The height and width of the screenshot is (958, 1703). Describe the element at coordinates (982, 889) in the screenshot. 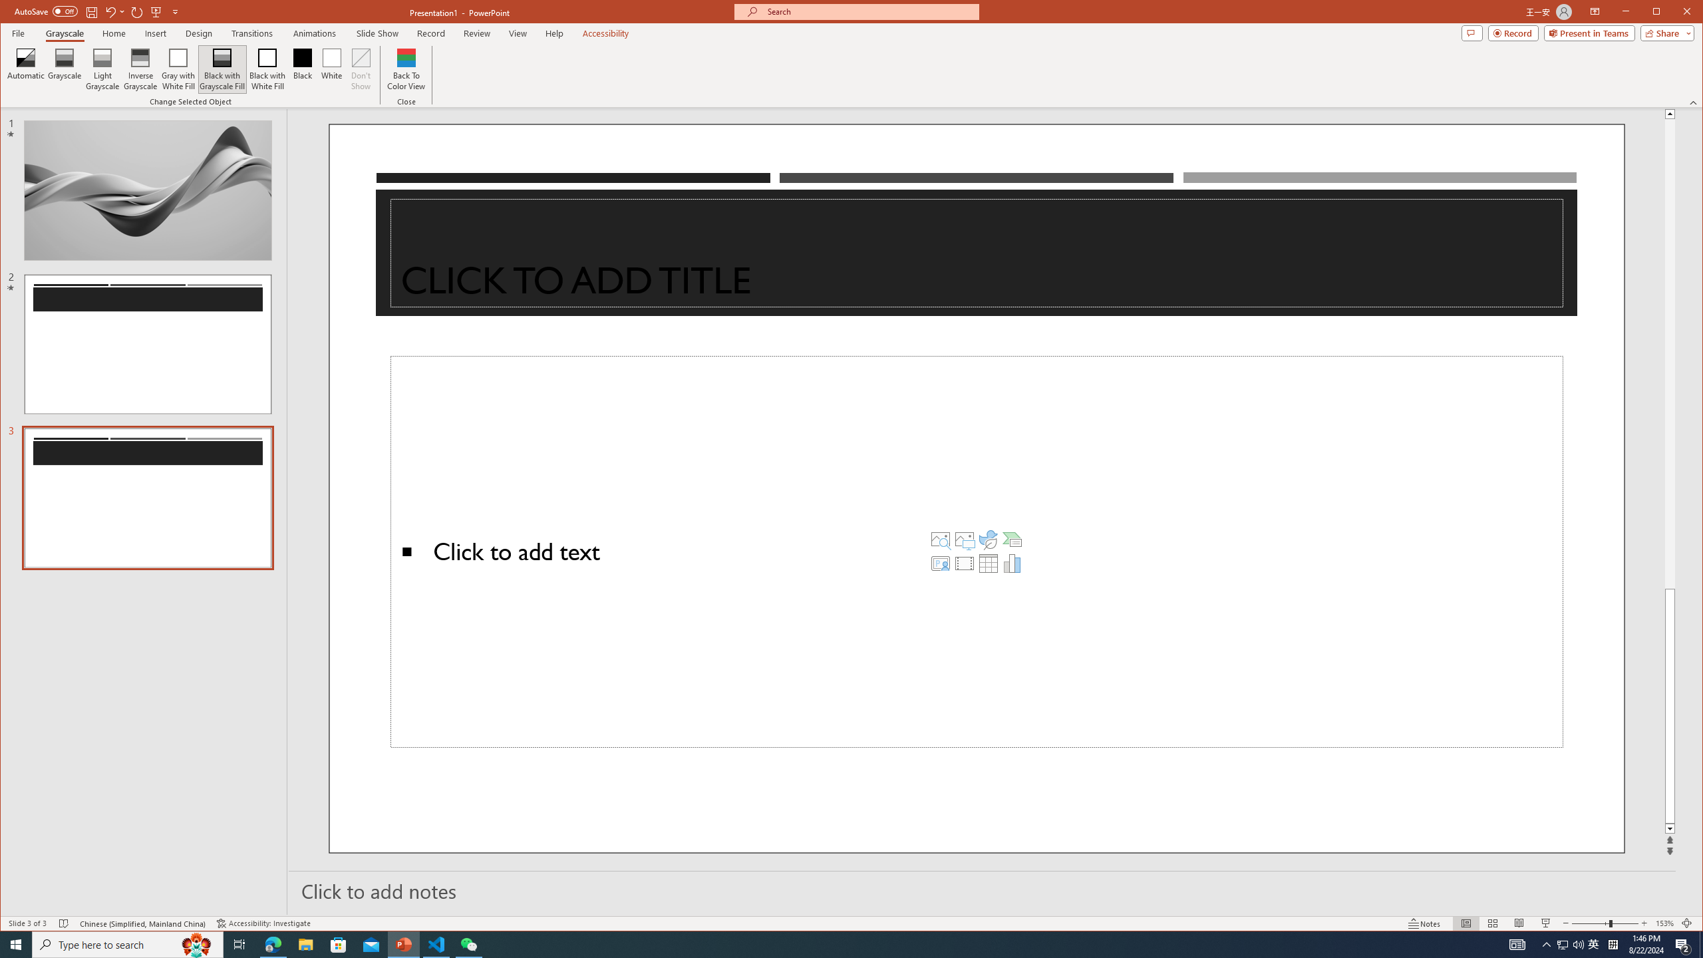

I see `'Slide Notes'` at that location.